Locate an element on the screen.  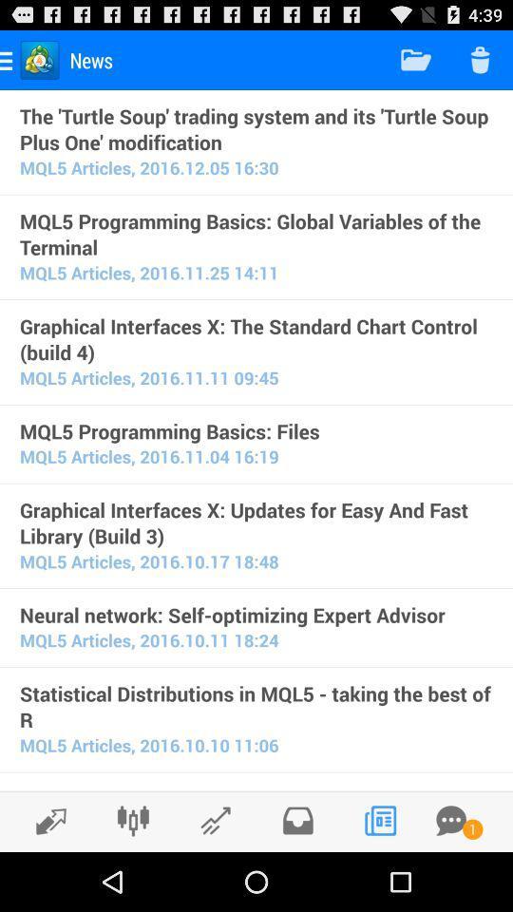
the item above the mql5 articles 2016 icon is located at coordinates (256, 127).